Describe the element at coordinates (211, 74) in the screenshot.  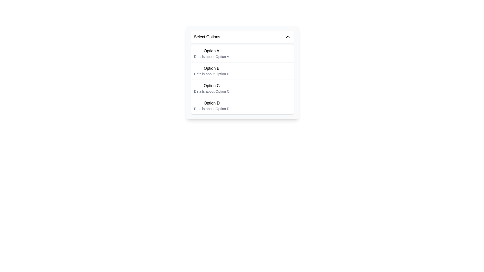
I see `text label that says 'Details about Option B', which is styled with a smaller font size and gray color, located below the header 'Option B' in the dropdown menu` at that location.